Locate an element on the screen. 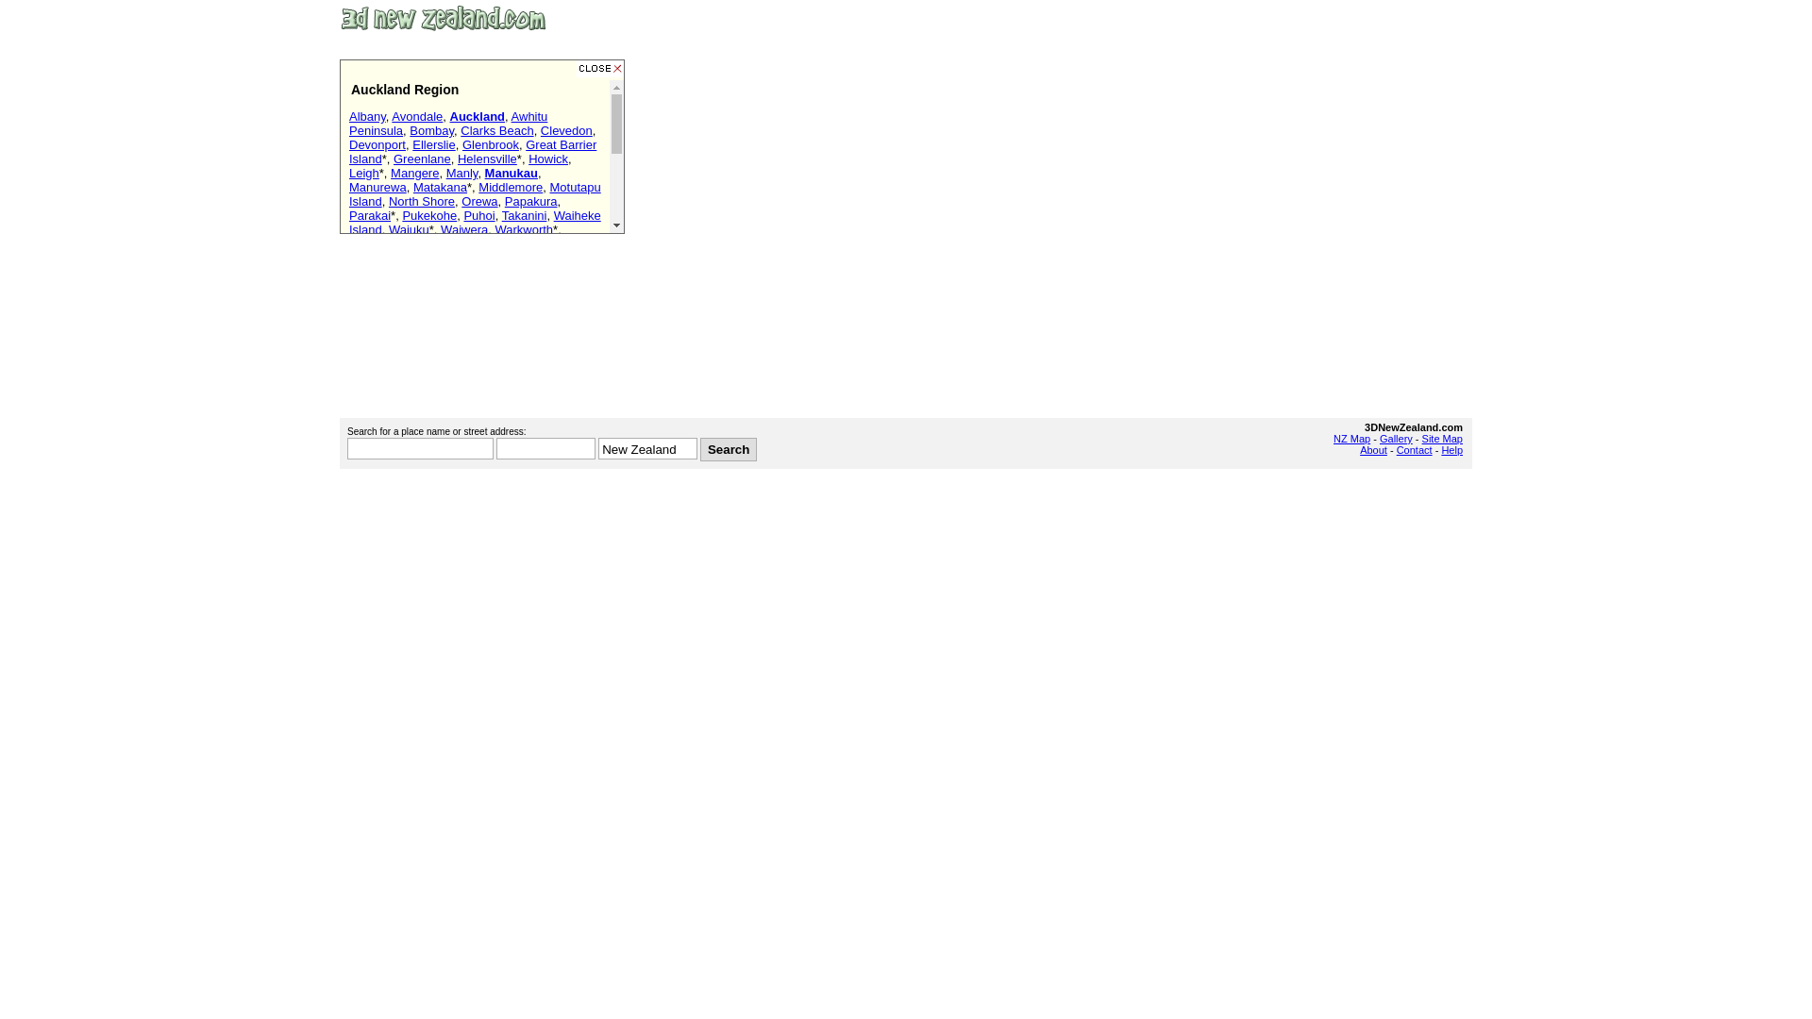 The width and height of the screenshot is (1812, 1019). 'Help' is located at coordinates (1439, 450).